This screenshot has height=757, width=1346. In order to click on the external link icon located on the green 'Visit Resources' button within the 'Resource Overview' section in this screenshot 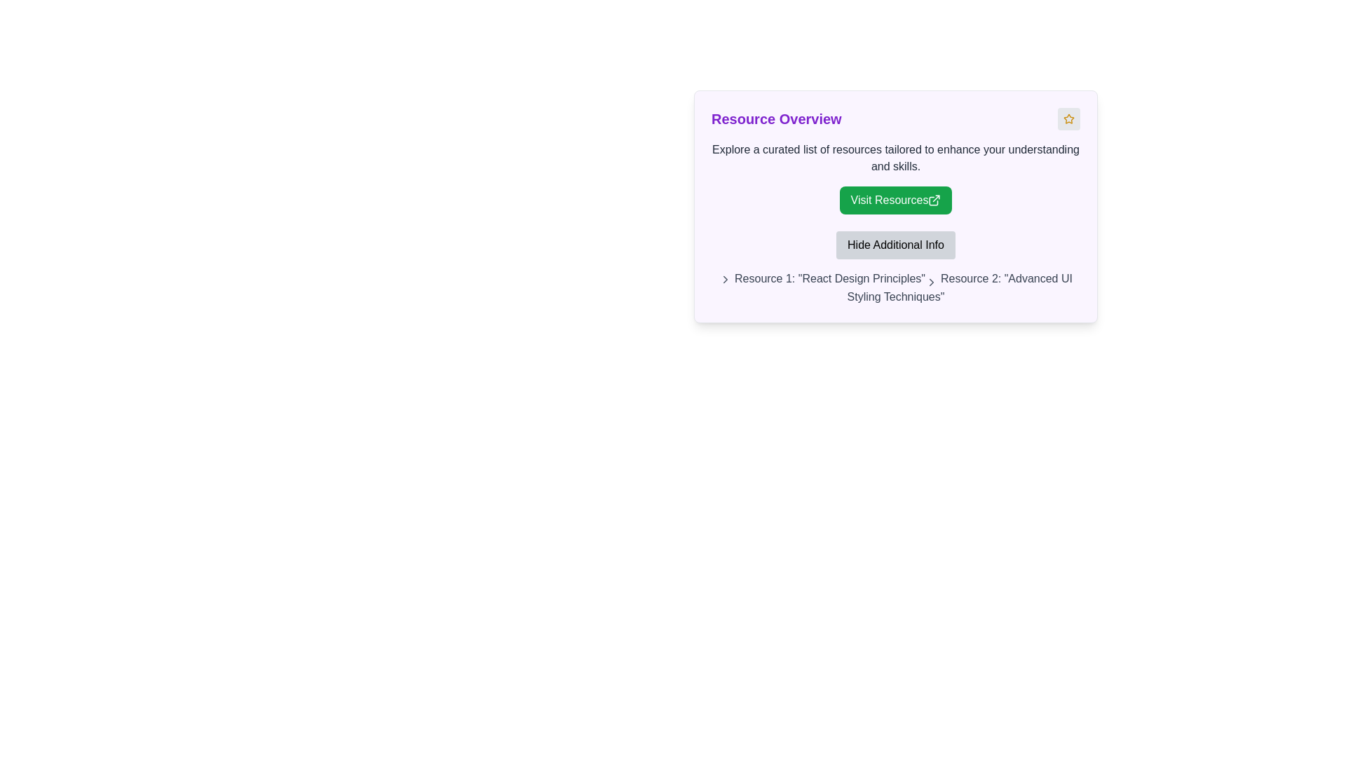, I will do `click(895, 177)`.